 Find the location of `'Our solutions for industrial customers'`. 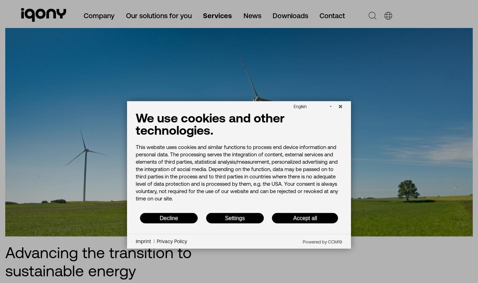

'Our solutions for industrial customers' is located at coordinates (83, 101).